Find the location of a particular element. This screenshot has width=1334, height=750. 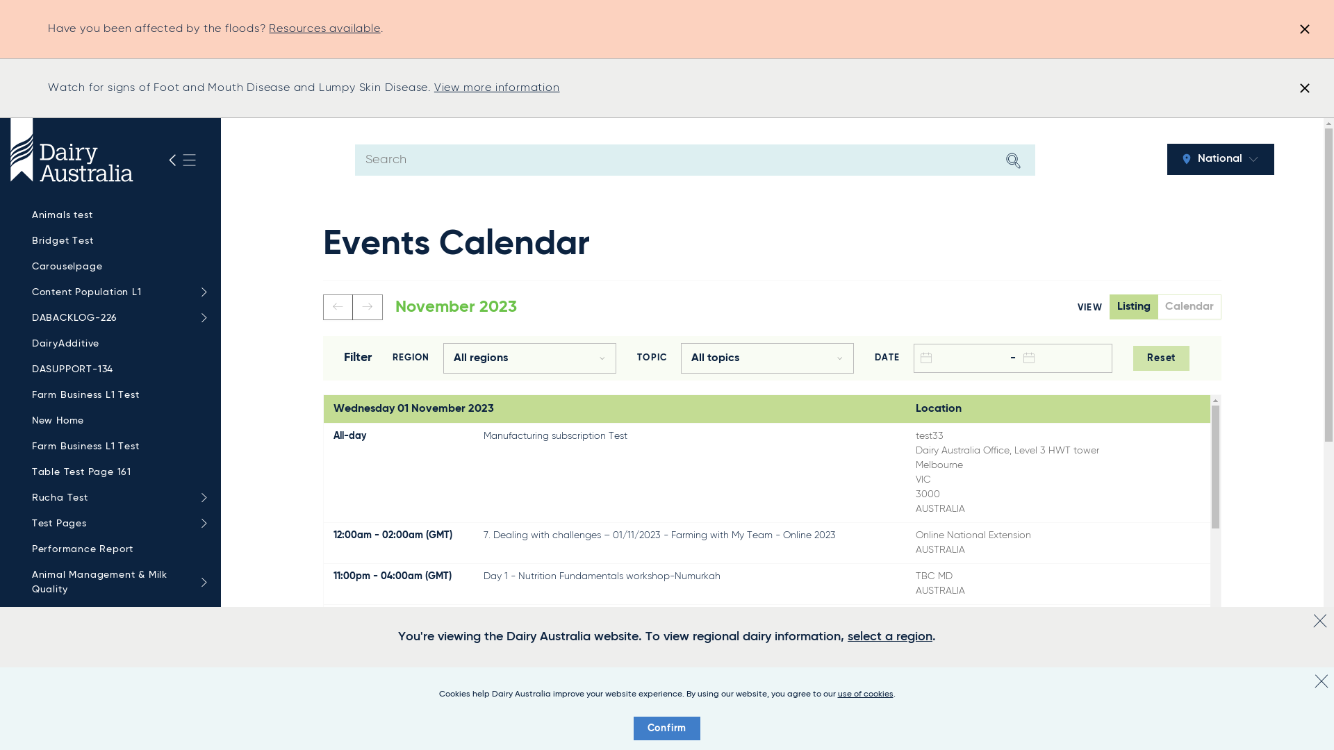

'Content Population L1' is located at coordinates (116, 292).